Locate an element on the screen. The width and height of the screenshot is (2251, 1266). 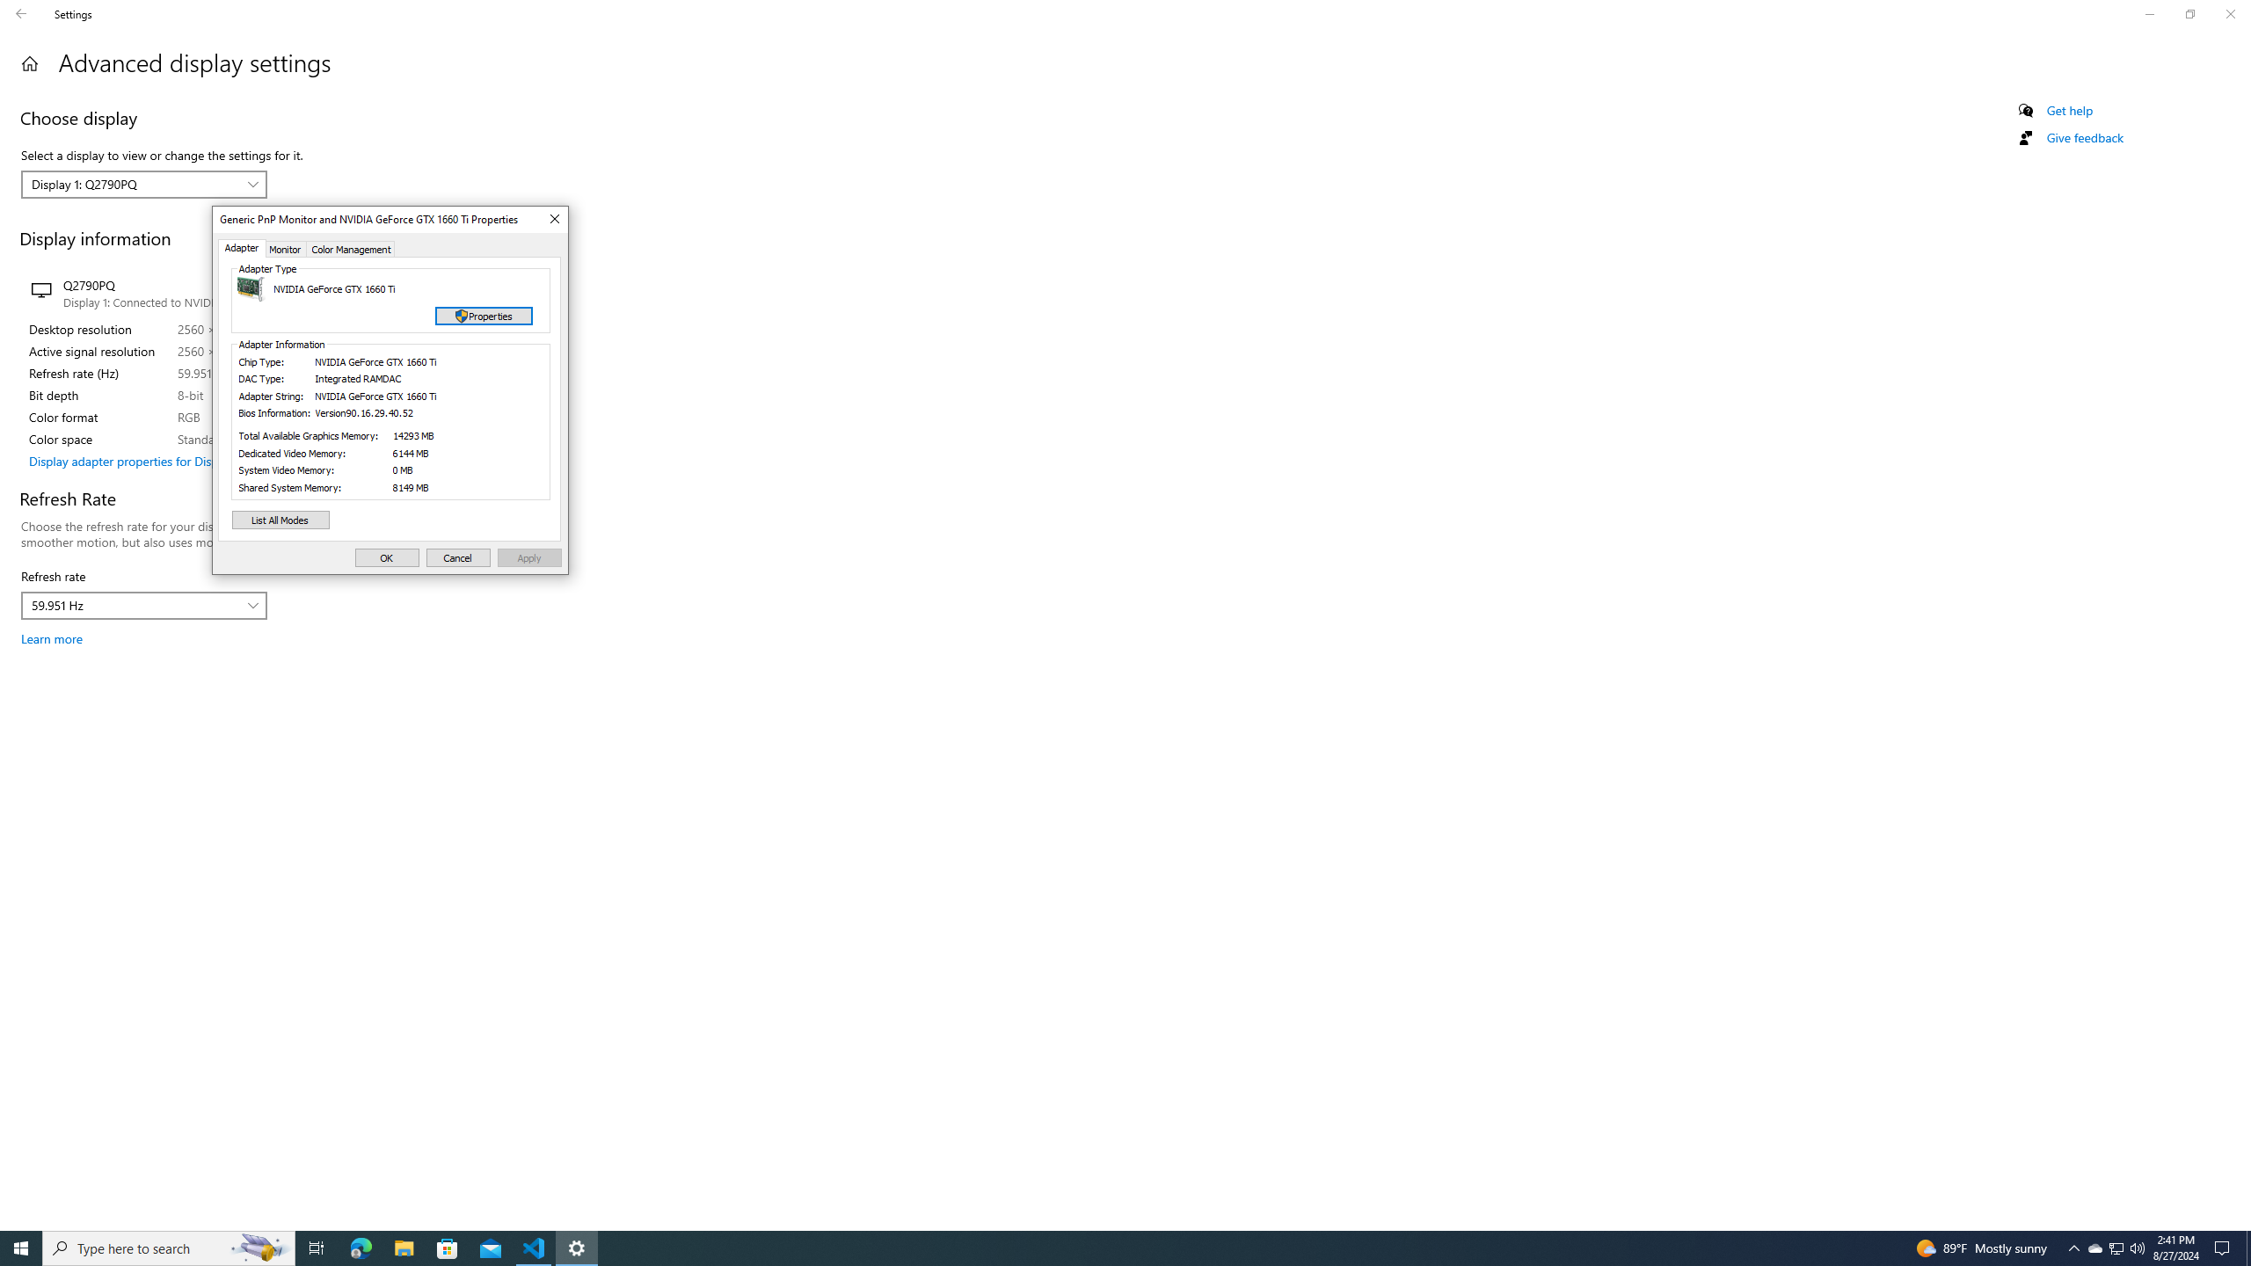
'List All Modes' is located at coordinates (280, 519).